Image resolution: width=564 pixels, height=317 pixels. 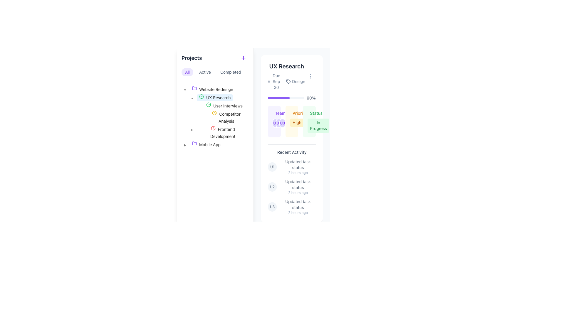 What do you see at coordinates (192, 58) in the screenshot?
I see `the 'Projects' heading text located in the header section of the sidebar` at bounding box center [192, 58].